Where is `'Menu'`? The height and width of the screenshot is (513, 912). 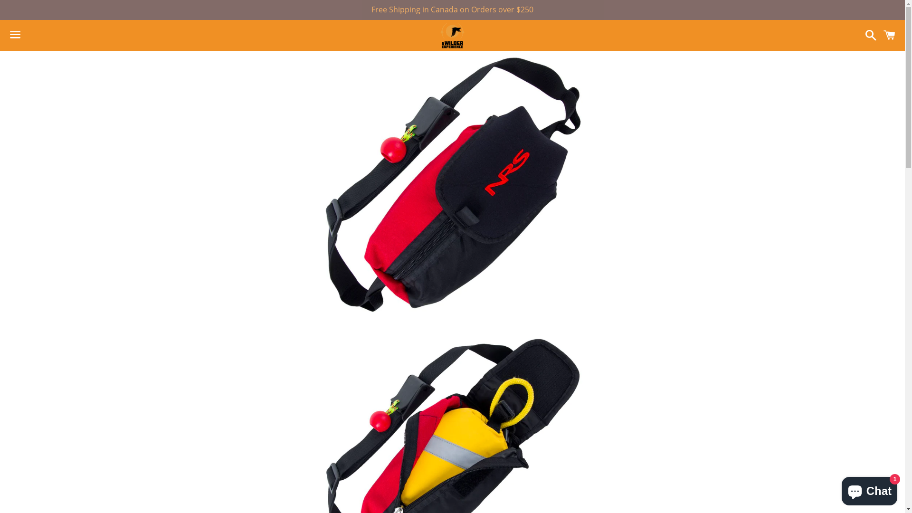 'Menu' is located at coordinates (15, 34).